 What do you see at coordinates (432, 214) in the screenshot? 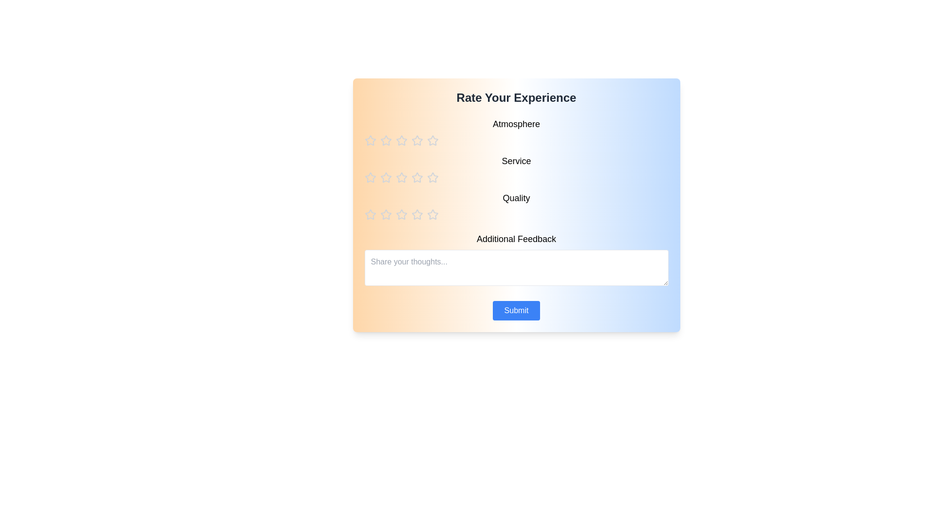
I see `the star corresponding to the rating 5 for the category quality` at bounding box center [432, 214].